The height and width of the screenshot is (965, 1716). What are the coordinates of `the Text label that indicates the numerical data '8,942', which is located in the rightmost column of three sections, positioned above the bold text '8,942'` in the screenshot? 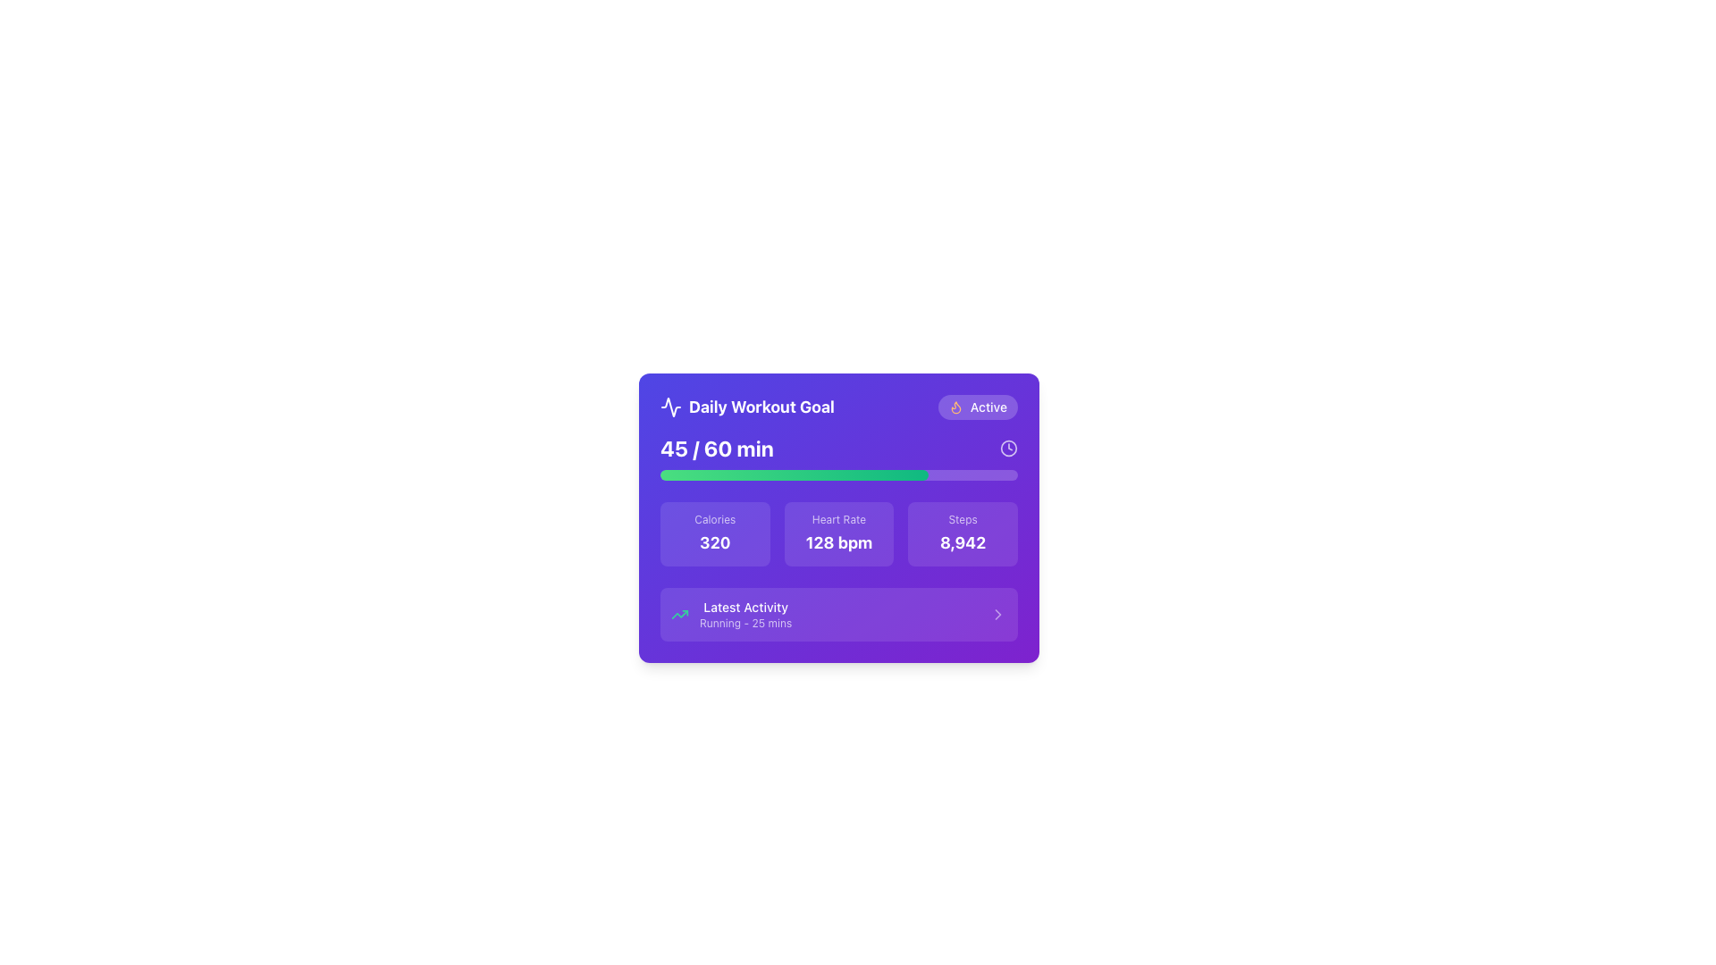 It's located at (962, 520).